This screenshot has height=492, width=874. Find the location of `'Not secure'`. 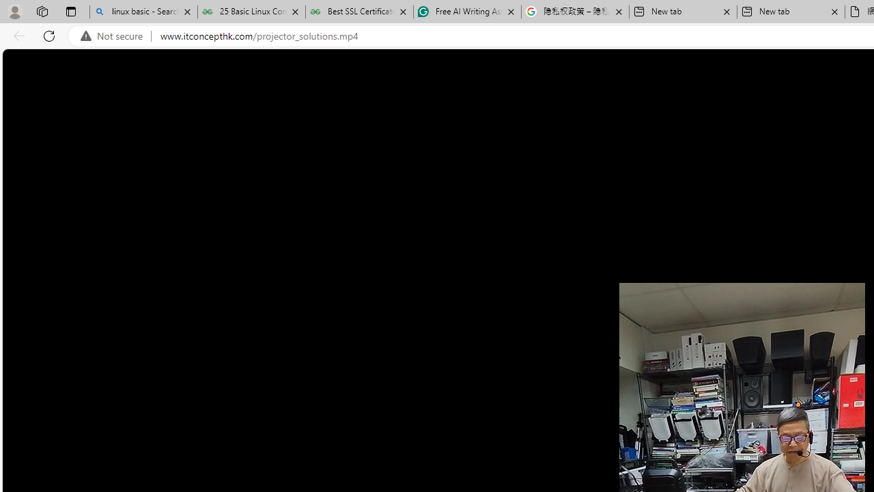

'Not secure' is located at coordinates (115, 36).